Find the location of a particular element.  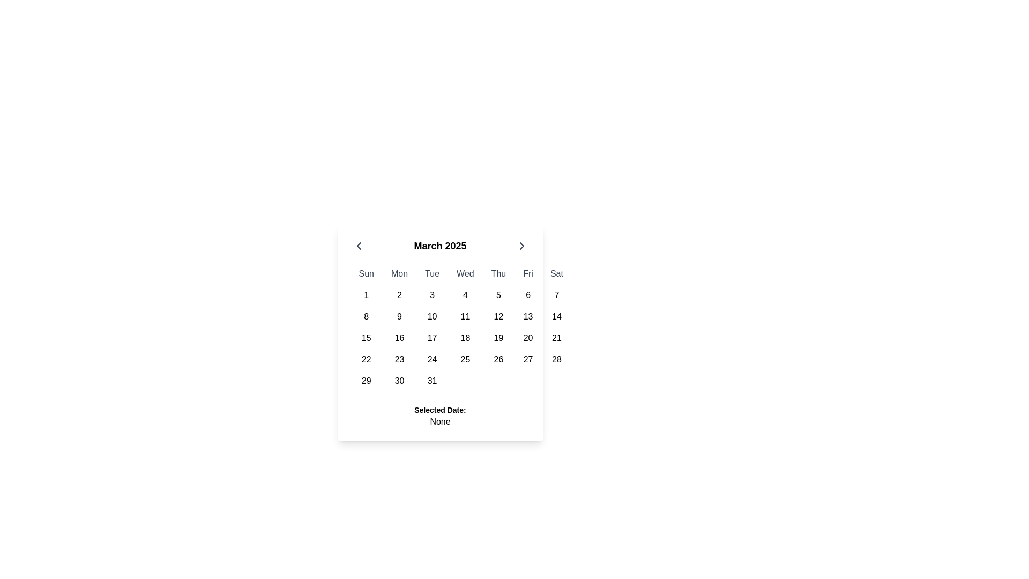

the selectable calendar date '13' is located at coordinates (528, 316).